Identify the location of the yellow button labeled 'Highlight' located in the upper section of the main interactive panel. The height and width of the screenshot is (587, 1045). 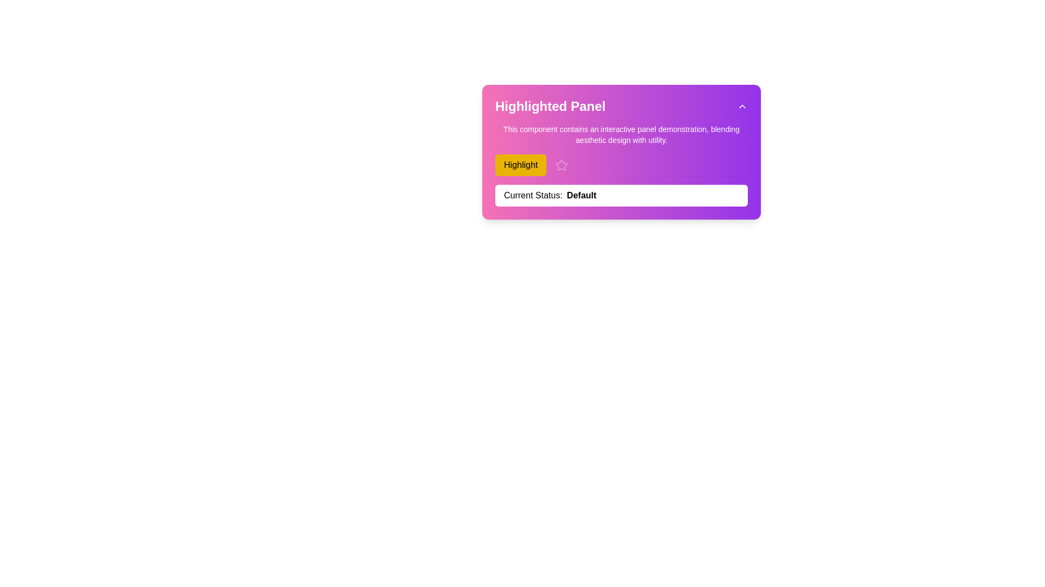
(520, 165).